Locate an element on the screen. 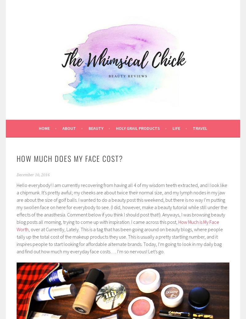  ', over at Currently, Lately. This is a tag that has been going around on beauty blogs, where people tally up the total cost of the makeup products they use. This is usually a pretty startling number, and it inspires people to start looking for affordable alternate brands. Today, I’m going to look in my daily bag and find out how much my everyday face costs…. I’m so nervous! Let’s go.' is located at coordinates (119, 239).